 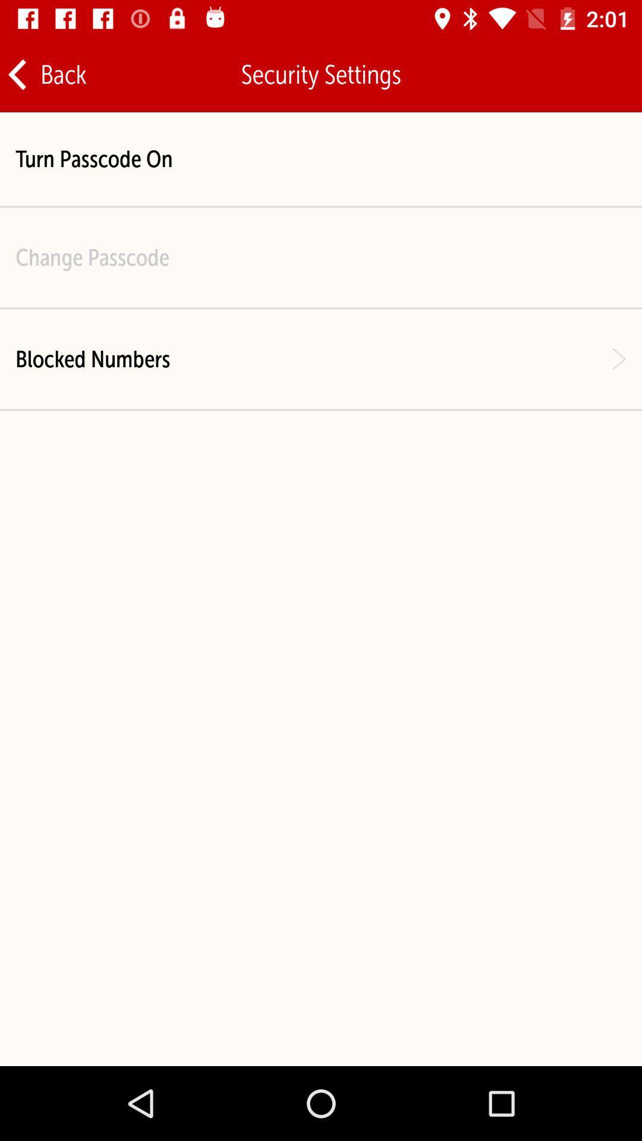 I want to click on the icon to the right of security settings icon, so click(x=595, y=74).